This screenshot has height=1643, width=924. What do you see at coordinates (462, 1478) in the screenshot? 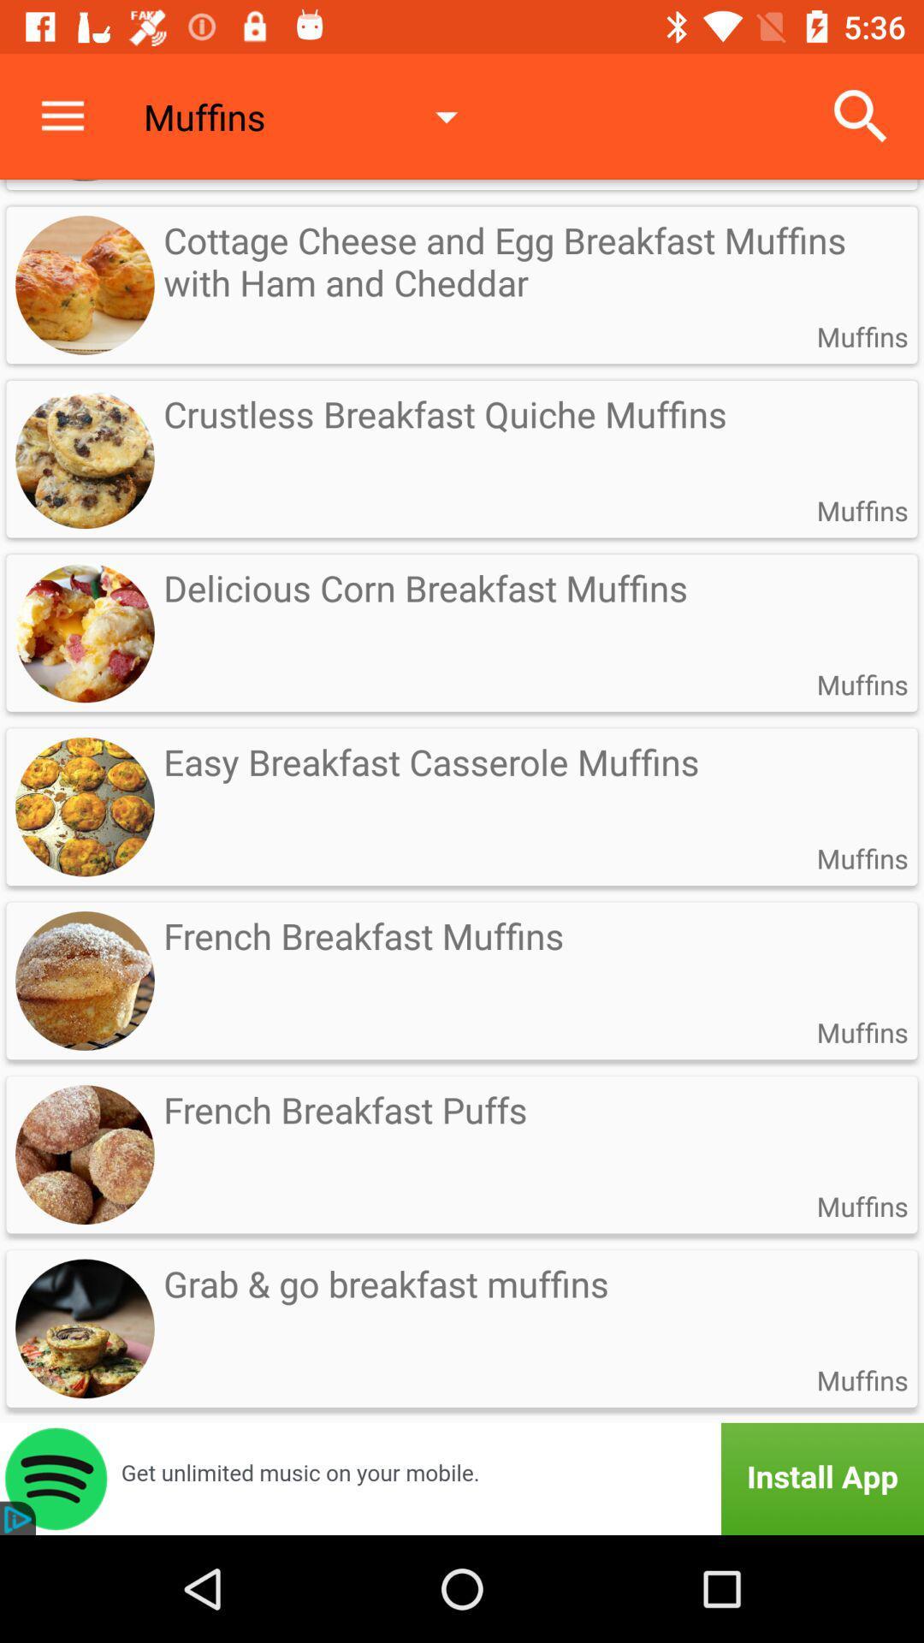
I see `gallery tool boy` at bounding box center [462, 1478].